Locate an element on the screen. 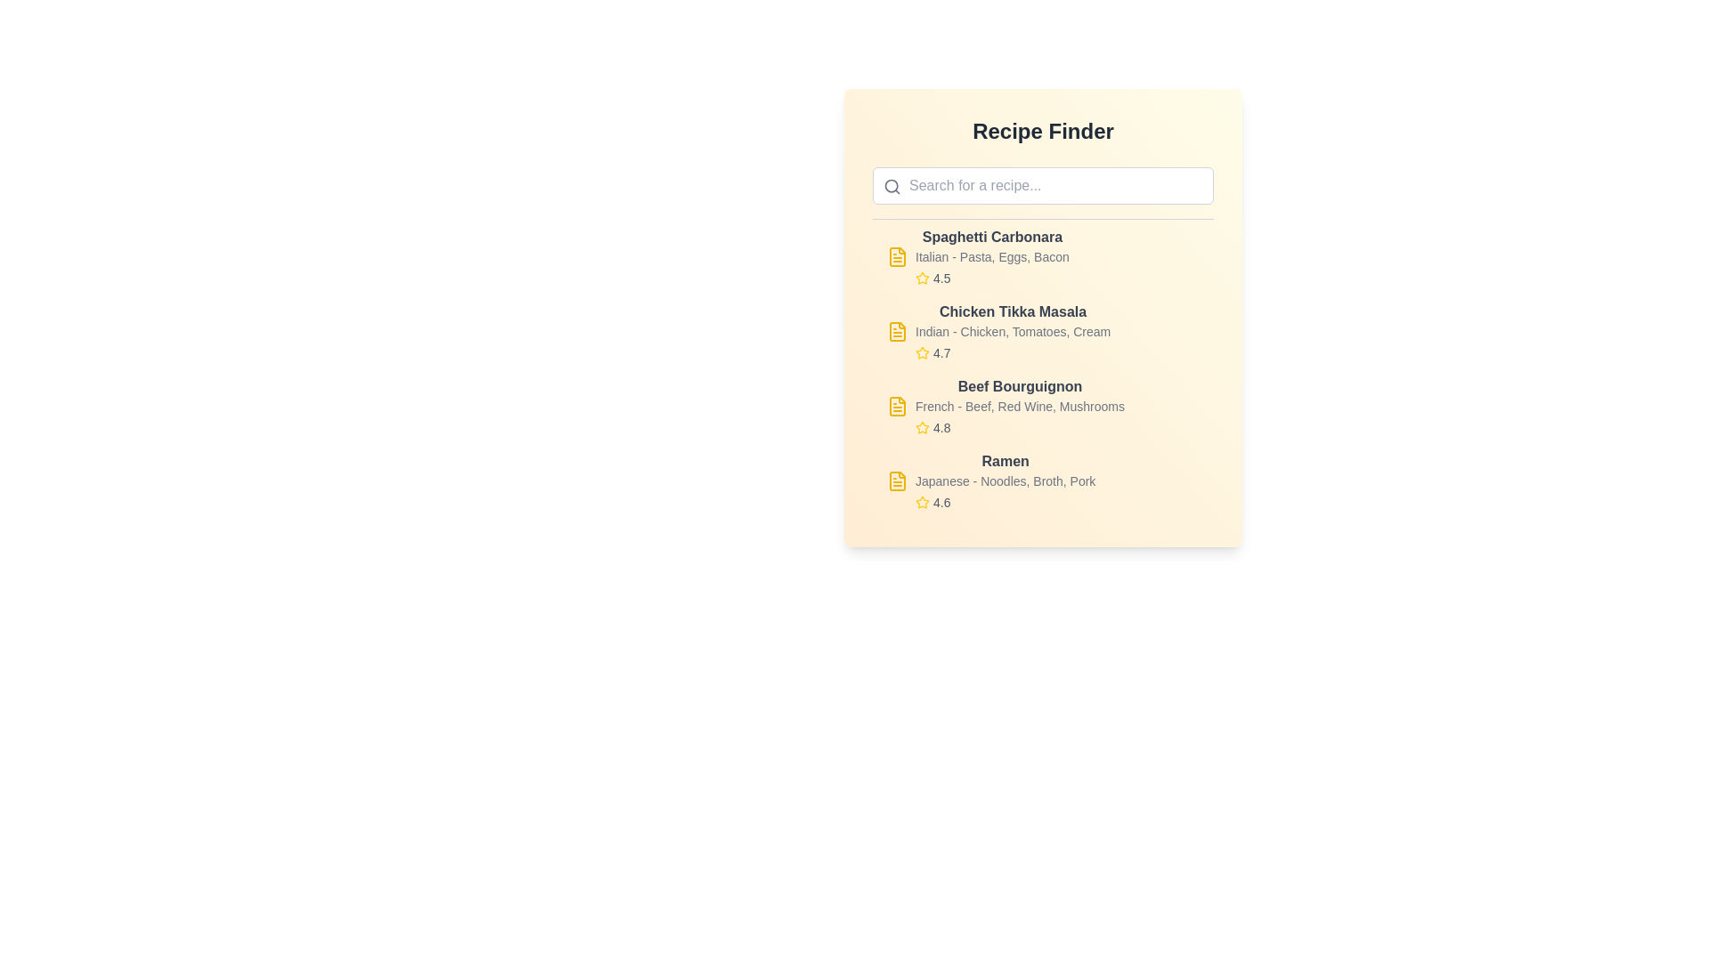  the static text element indicating the rating value for the recipe 'Spaghetti Carbonara', located beneath the title and aligned with a star icon in the 'Recipe Finder' list is located at coordinates (940, 278).